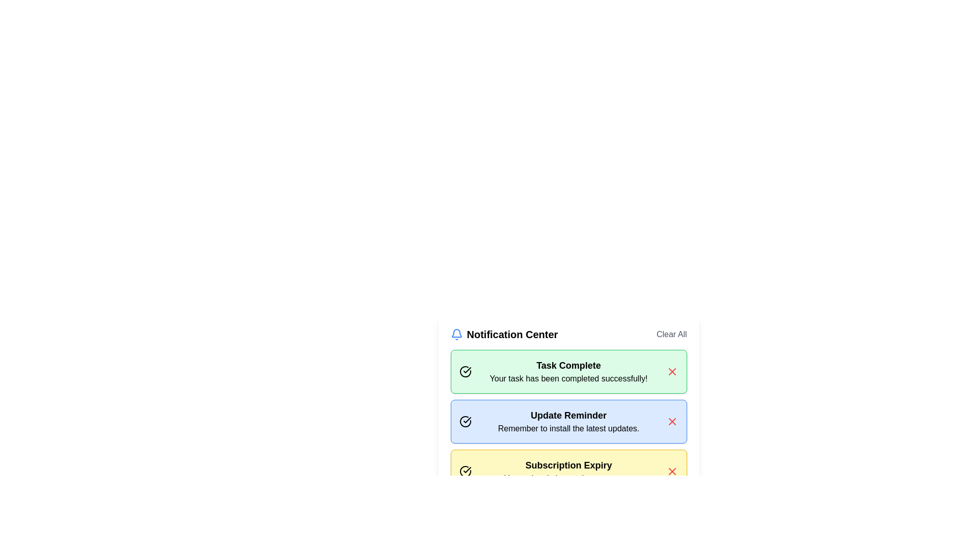  What do you see at coordinates (465, 422) in the screenshot?
I see `the circular icon with a checkmark inside it, located within the 'Update Reminder' notification box, to understand its symbolic meaning` at bounding box center [465, 422].